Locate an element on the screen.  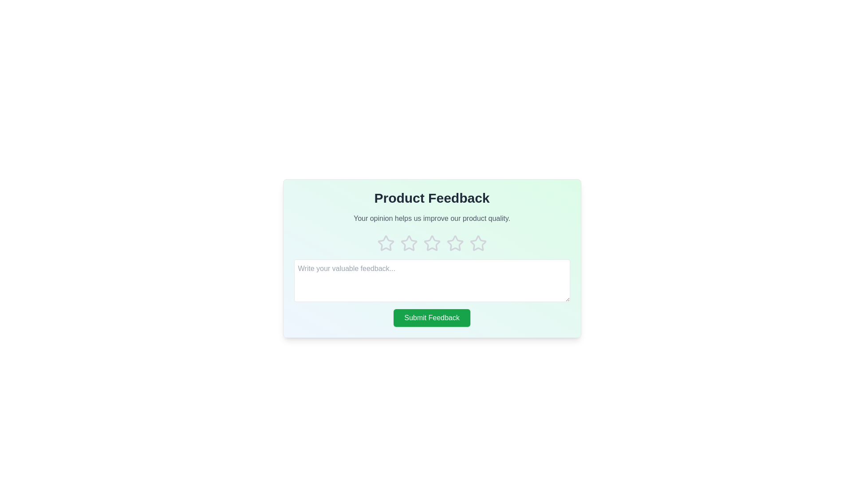
the third star in the rating system located below the 'Product Feedback' header and above the 'Write your valuable feedback...' input box is located at coordinates (455, 243).